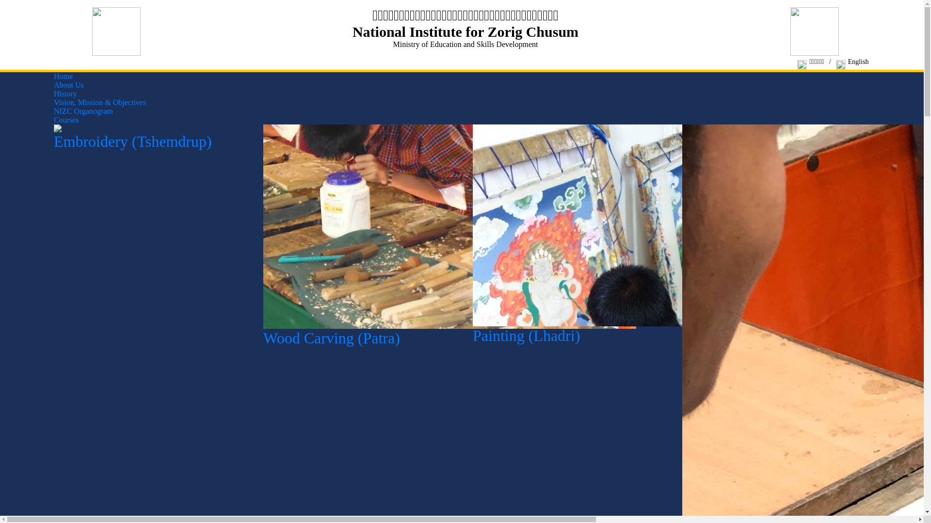  Describe the element at coordinates (53, 93) in the screenshot. I see `'History'` at that location.